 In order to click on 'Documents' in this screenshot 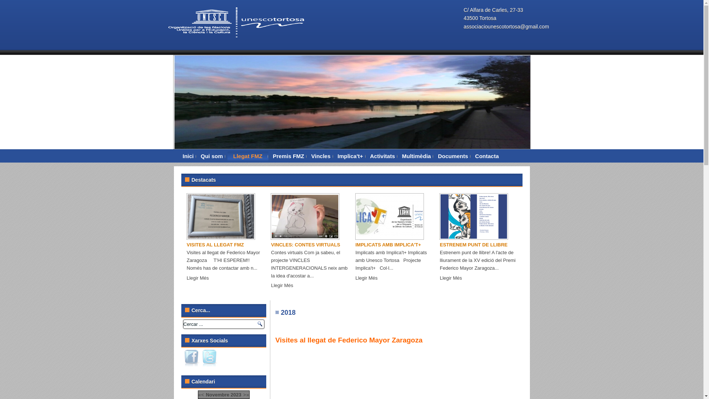, I will do `click(453, 156)`.